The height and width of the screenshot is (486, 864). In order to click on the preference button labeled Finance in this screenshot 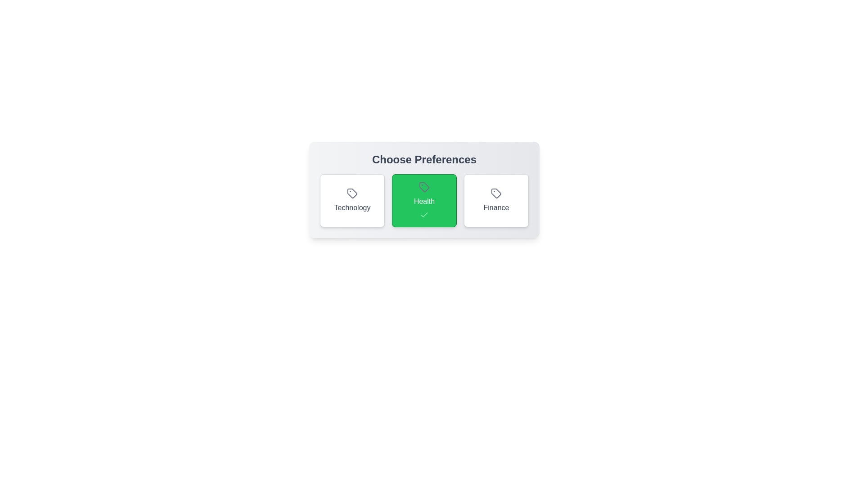, I will do `click(496, 200)`.